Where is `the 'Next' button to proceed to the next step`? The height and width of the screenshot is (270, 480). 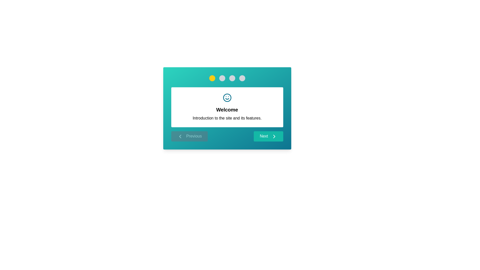
the 'Next' button to proceed to the next step is located at coordinates (268, 136).